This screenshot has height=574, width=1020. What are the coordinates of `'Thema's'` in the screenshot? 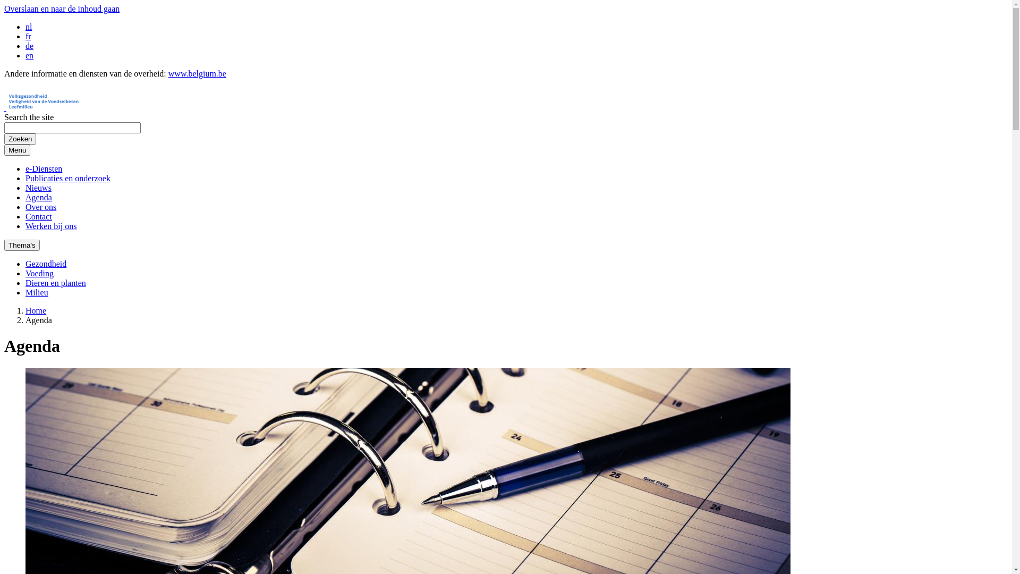 It's located at (4, 245).